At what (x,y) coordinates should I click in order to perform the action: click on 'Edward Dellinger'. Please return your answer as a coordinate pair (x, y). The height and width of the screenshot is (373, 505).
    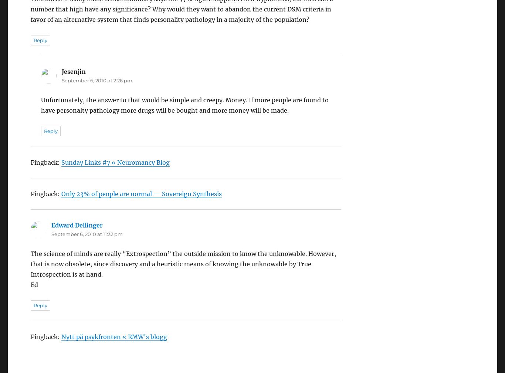
    Looking at the image, I should click on (77, 204).